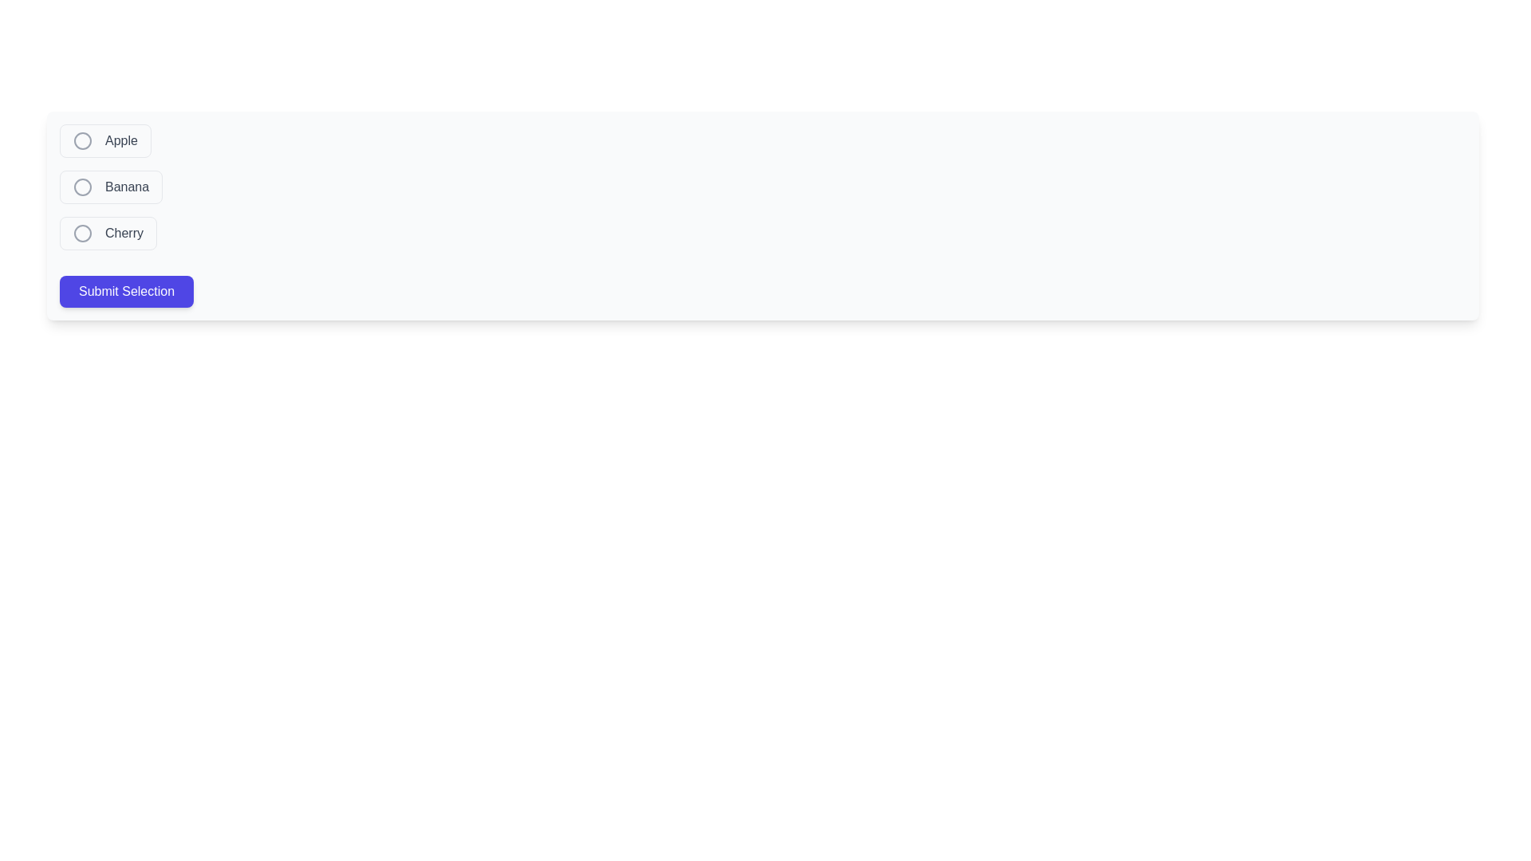 This screenshot has height=861, width=1531. I want to click on the indigo 'Submit Selection' button with white text that is located below the list of radio buttons labeled 'Apple', 'Banana', and 'Cherry', so click(125, 292).